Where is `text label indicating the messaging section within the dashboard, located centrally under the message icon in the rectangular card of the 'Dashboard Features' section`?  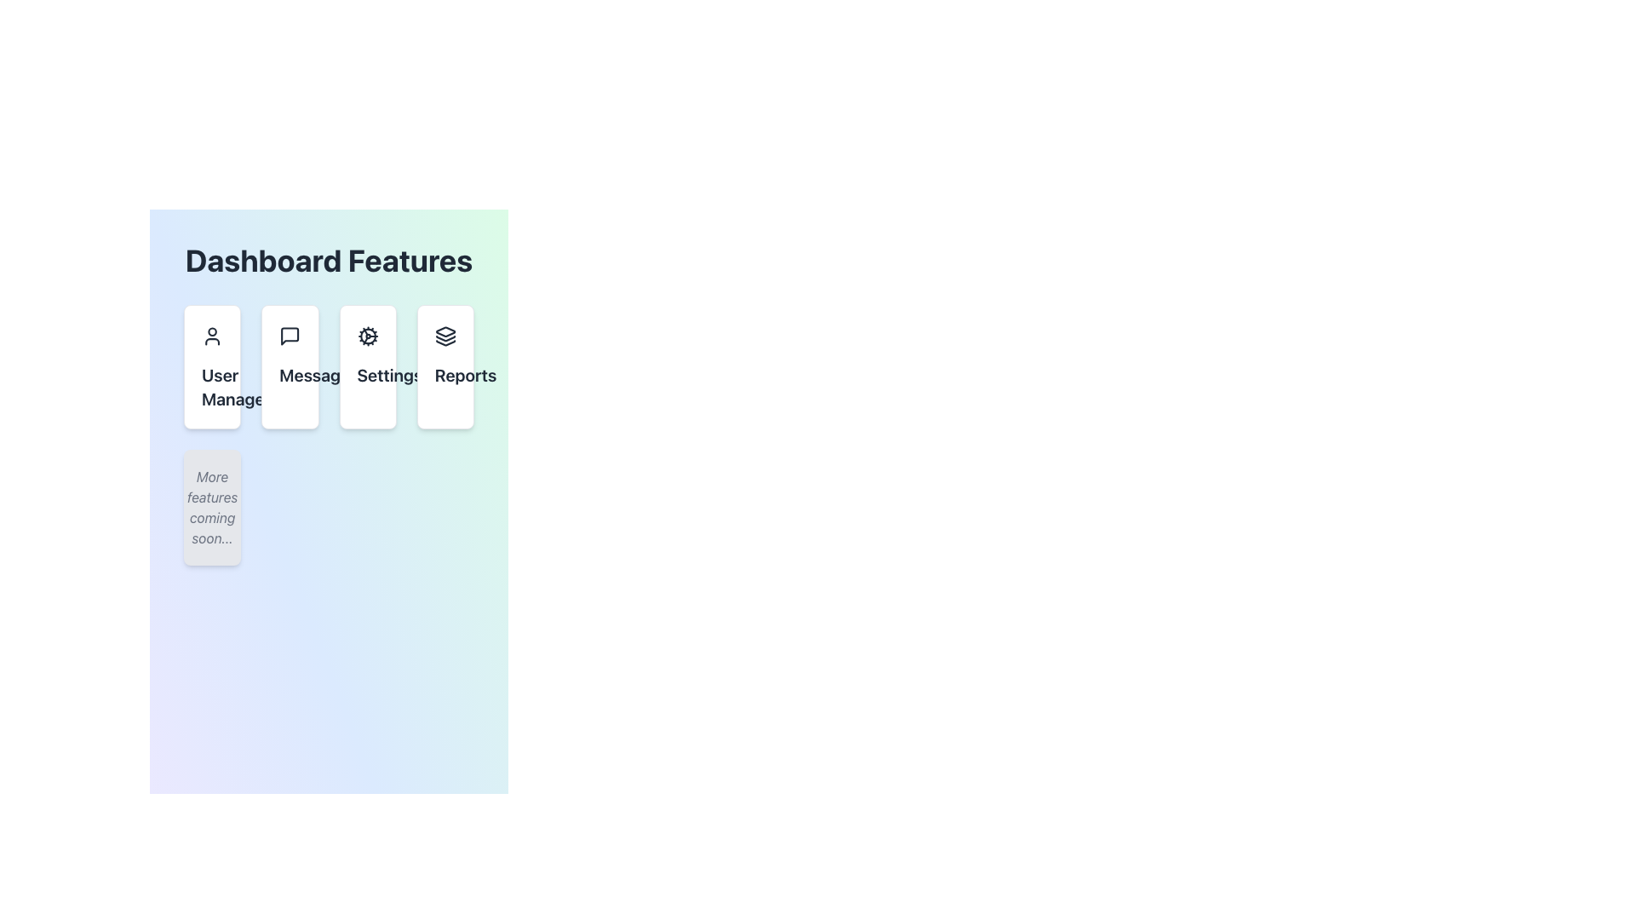 text label indicating the messaging section within the dashboard, located centrally under the message icon in the rectangular card of the 'Dashboard Features' section is located at coordinates (290, 374).